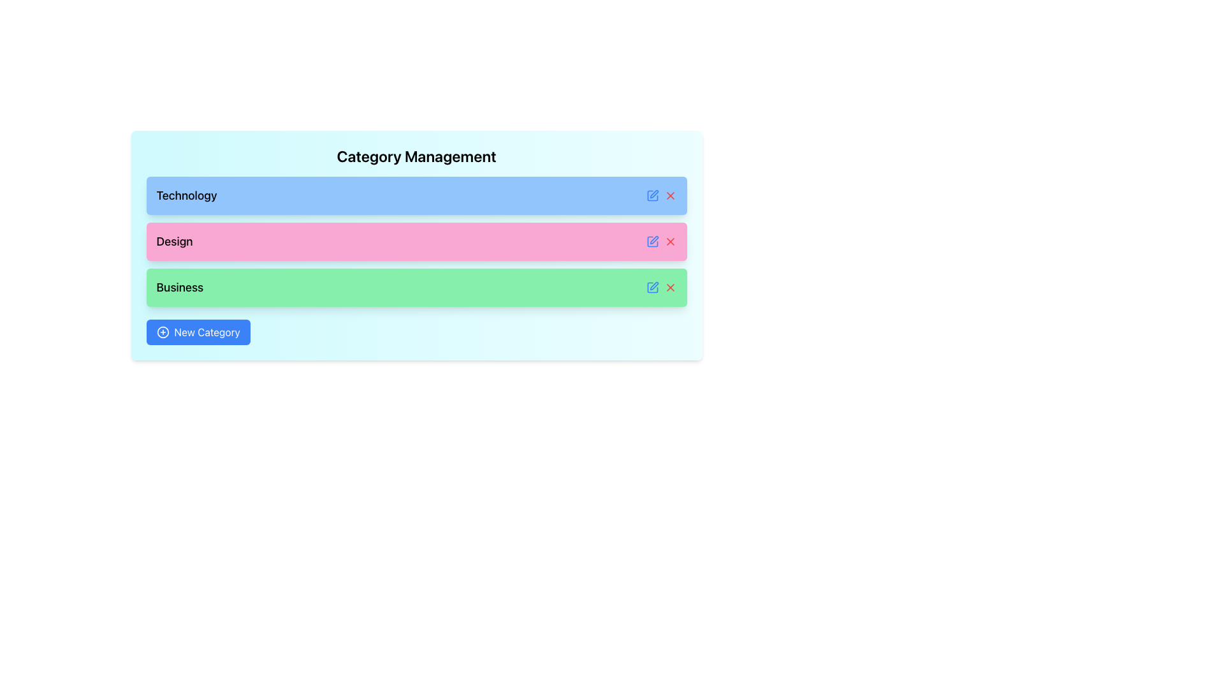 This screenshot has height=689, width=1224. Describe the element at coordinates (669, 241) in the screenshot. I see `the Close/Delete SVG icon located at the right end of the pink row labeled 'Design' in the 'Category Management' section` at that location.